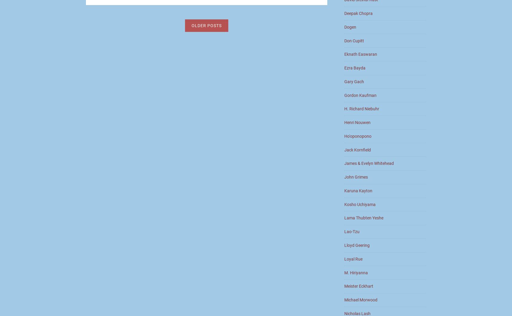 The image size is (512, 316). I want to click on 'Meister Eckhart', so click(359, 286).